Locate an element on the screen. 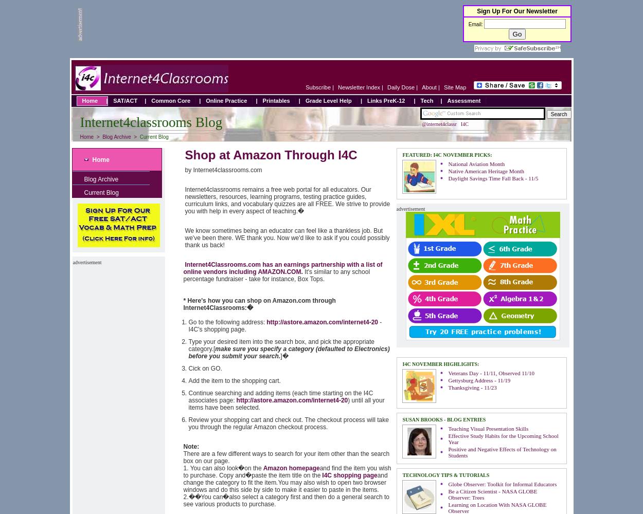 The height and width of the screenshot is (514, 643). ') until all your items have been selected.' is located at coordinates (286, 404).